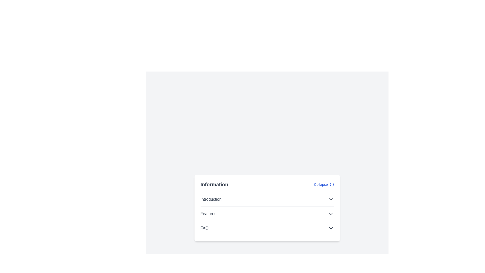  I want to click on the chevron icon located to the right of the 'FAQ' button, so click(331, 228).